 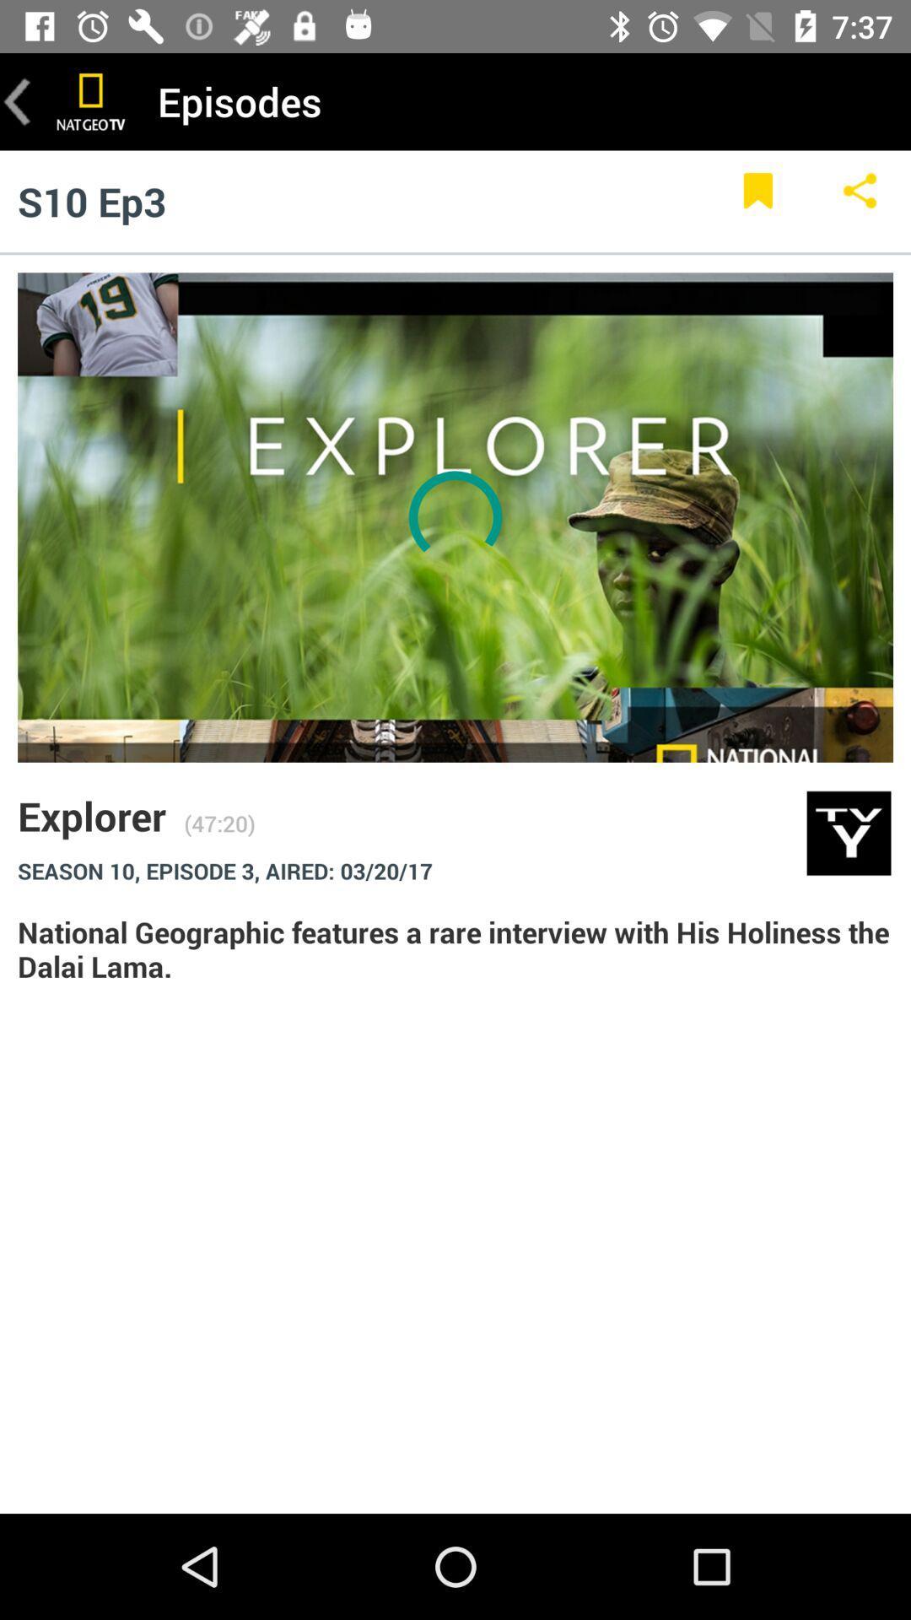 What do you see at coordinates (757, 201) in the screenshot?
I see `the icon next to s10 ep3 icon` at bounding box center [757, 201].